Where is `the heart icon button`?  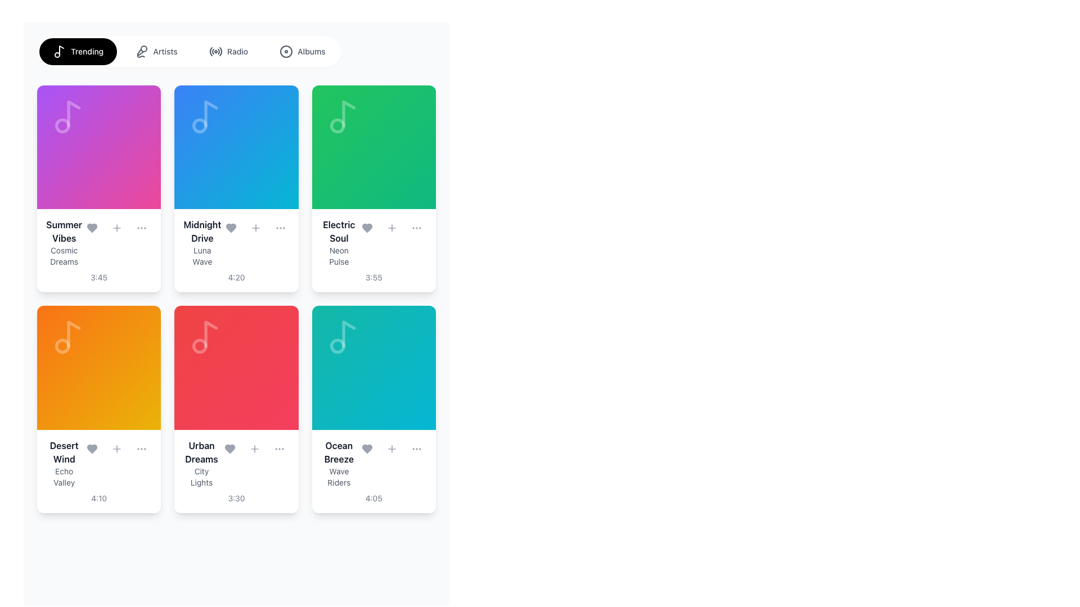
the heart icon button is located at coordinates (231, 228).